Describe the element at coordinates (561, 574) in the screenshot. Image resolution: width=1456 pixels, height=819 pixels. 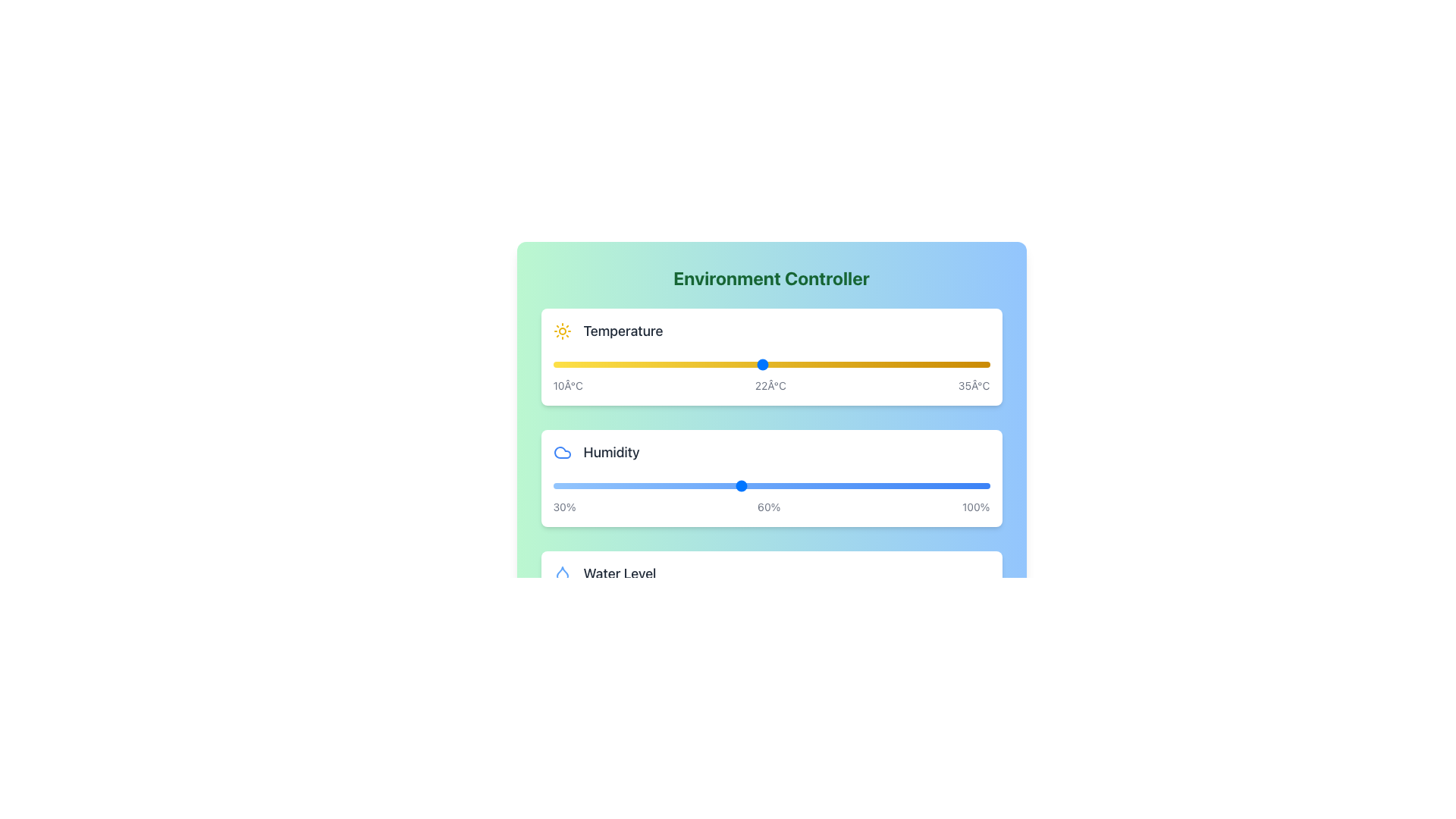
I see `the decorative icon associated with the 'Water Level' section, located below the 'Humidity' gauge, identifiable by its unique shape` at that location.